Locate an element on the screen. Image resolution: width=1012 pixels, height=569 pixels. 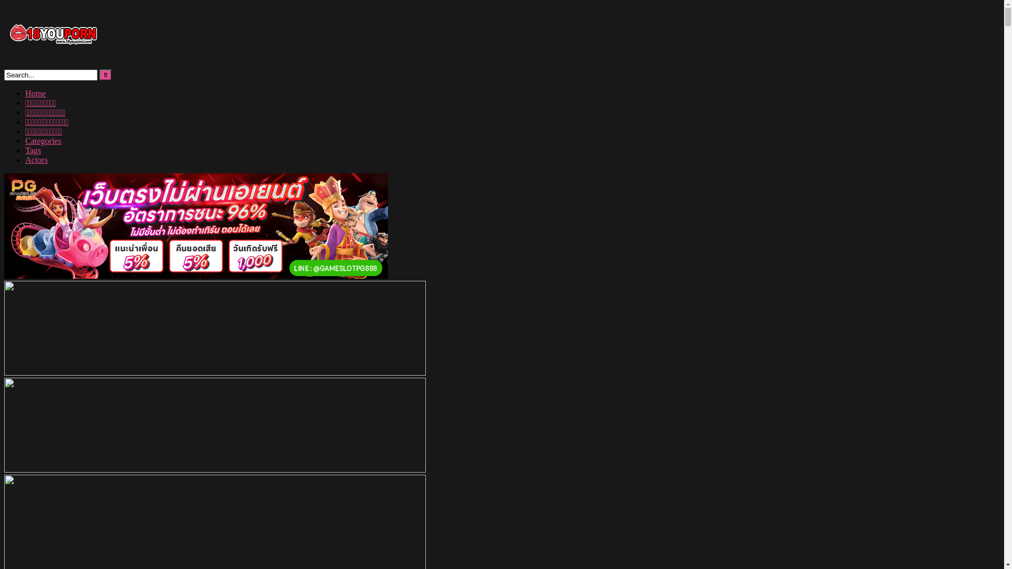
'Home' is located at coordinates (35, 93).